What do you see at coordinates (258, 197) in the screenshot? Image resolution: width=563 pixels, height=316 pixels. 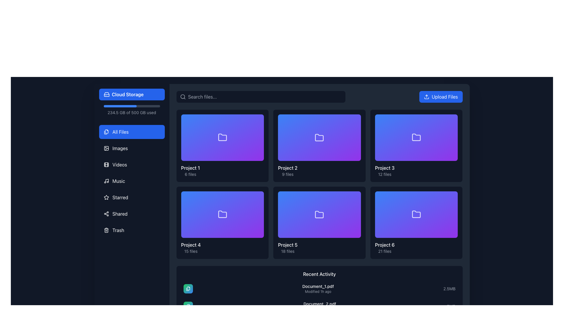 I see `the options menu trigger (Vertical Ellipsis) located in the top right corner of the 'Project 4' card` at bounding box center [258, 197].